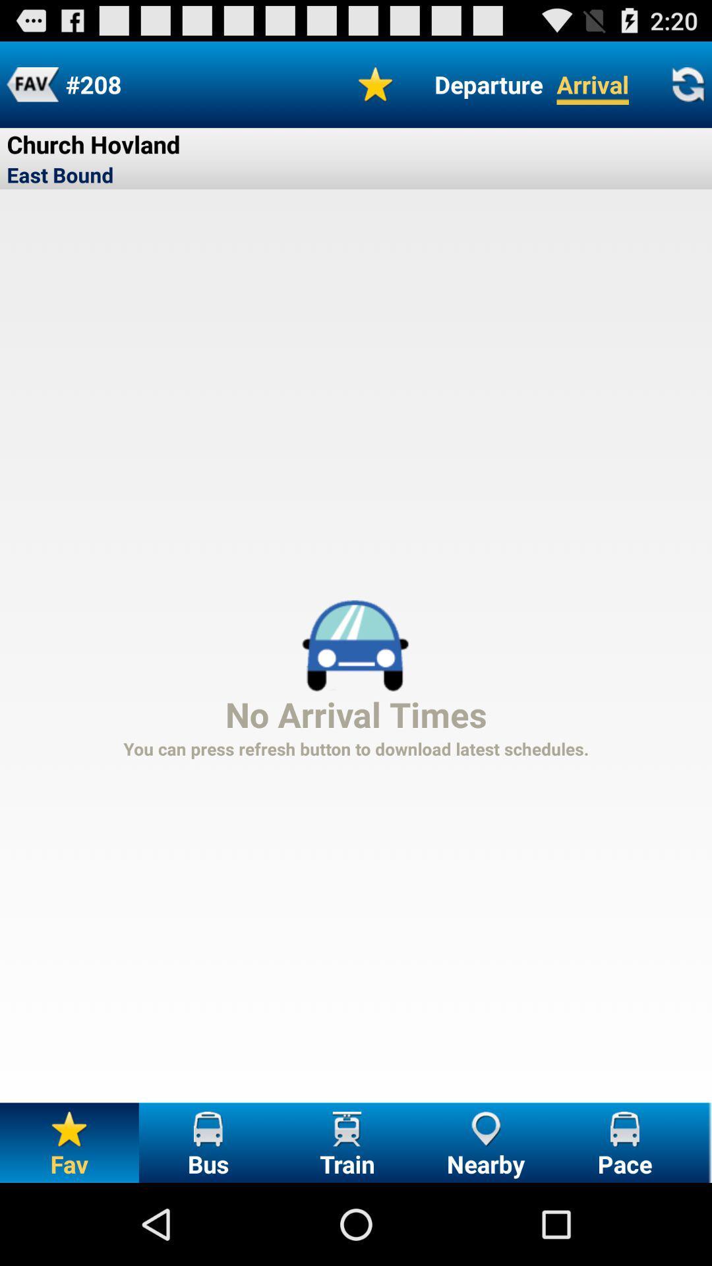  Describe the element at coordinates (489, 84) in the screenshot. I see `button next to arrival` at that location.